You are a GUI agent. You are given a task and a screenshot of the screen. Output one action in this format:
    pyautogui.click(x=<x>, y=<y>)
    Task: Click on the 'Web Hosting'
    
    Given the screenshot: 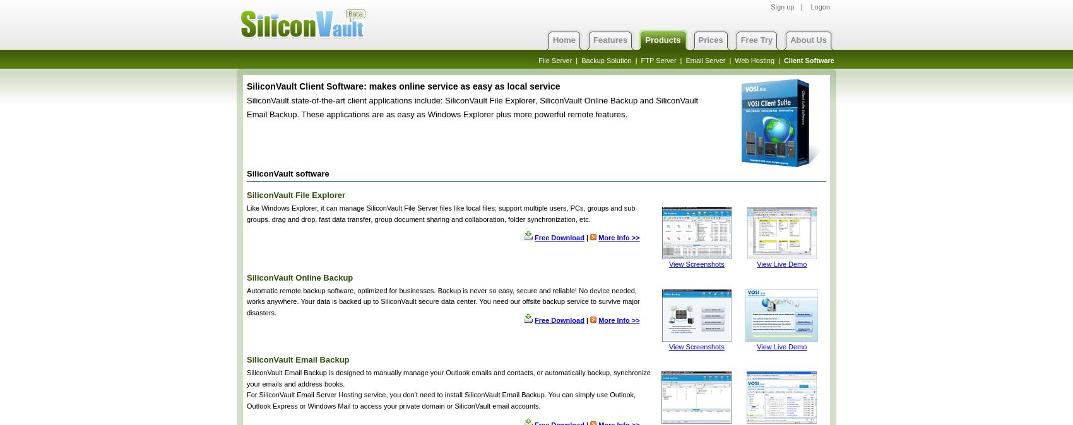 What is the action you would take?
    pyautogui.click(x=754, y=59)
    